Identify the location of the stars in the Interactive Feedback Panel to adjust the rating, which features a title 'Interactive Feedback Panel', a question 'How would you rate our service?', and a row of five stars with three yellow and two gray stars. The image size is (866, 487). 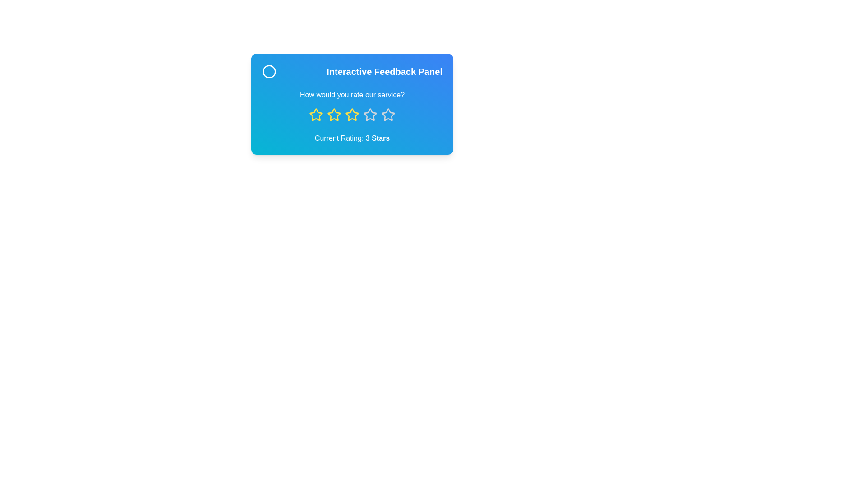
(352, 104).